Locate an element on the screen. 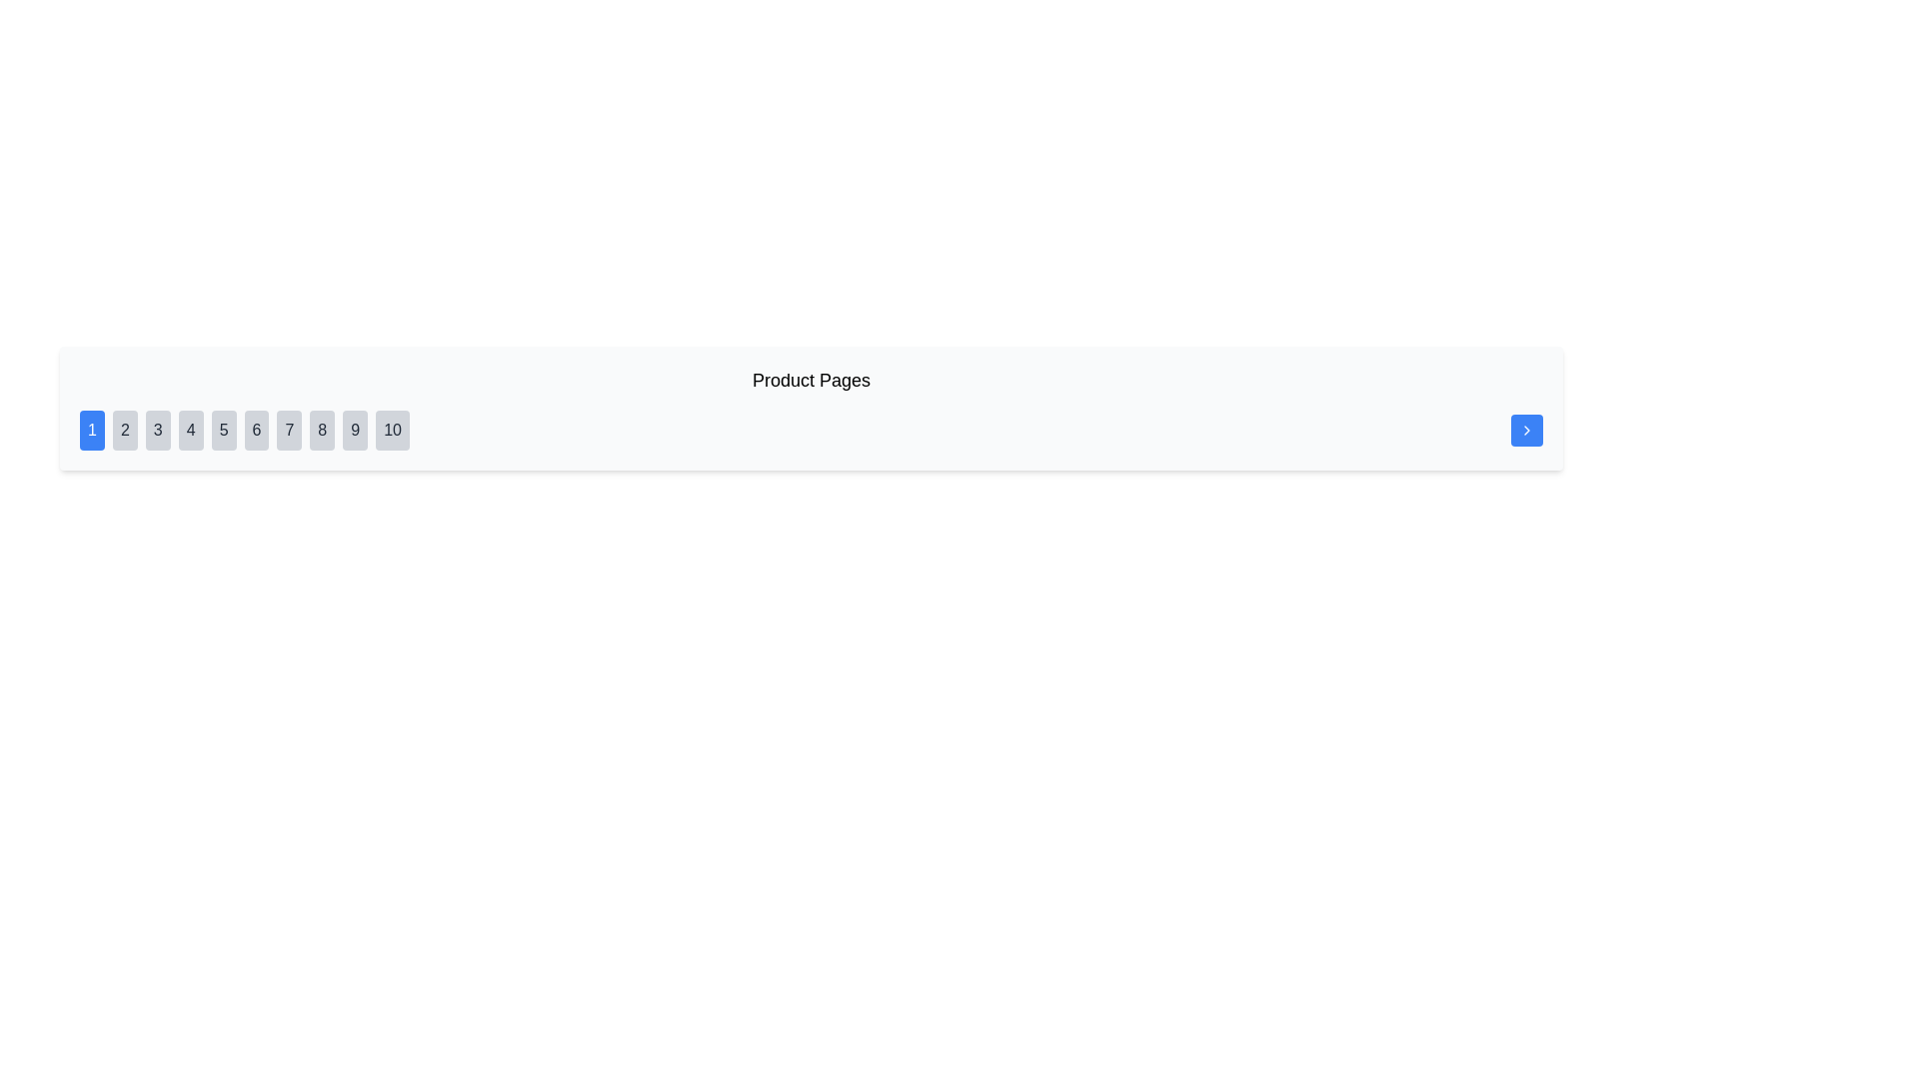 The image size is (1919, 1079). the chevron icon pointing to the right, which is styled in white on a blue circular background is located at coordinates (1525, 430).